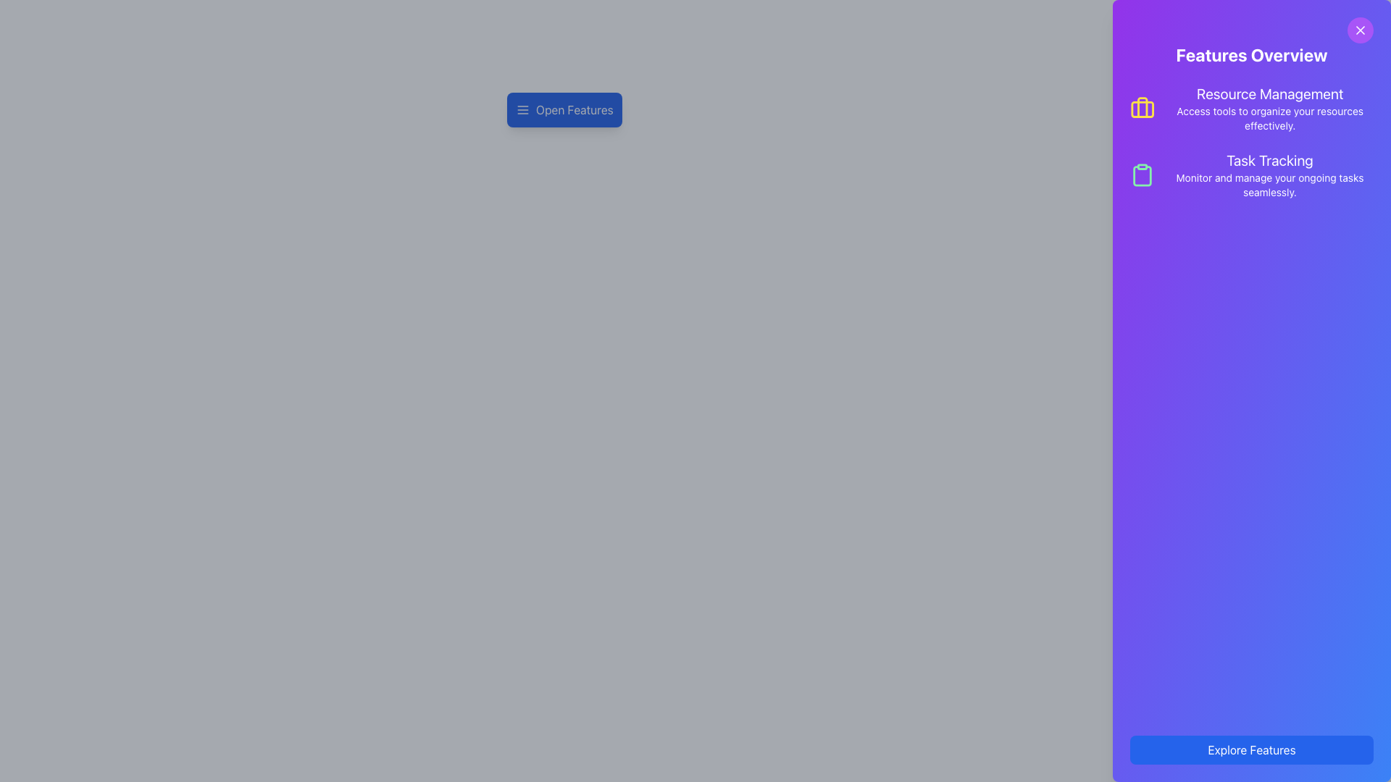 The width and height of the screenshot is (1391, 782). Describe the element at coordinates (1269, 175) in the screenshot. I see `the 'Task Tracking' Text Description Block to interact with the feature` at that location.